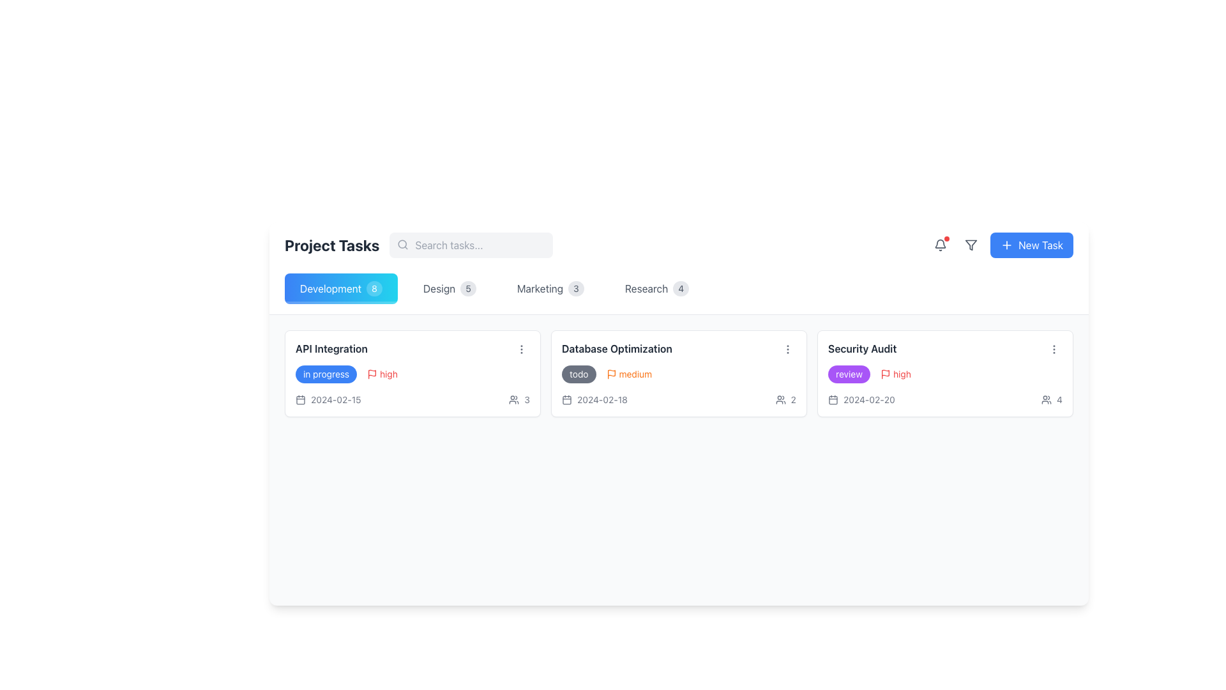 The image size is (1226, 690). I want to click on the status indicator labeled 'review' located on the right side of the 'Security Audit' task card in the 'Project Tasks' section, so click(849, 374).